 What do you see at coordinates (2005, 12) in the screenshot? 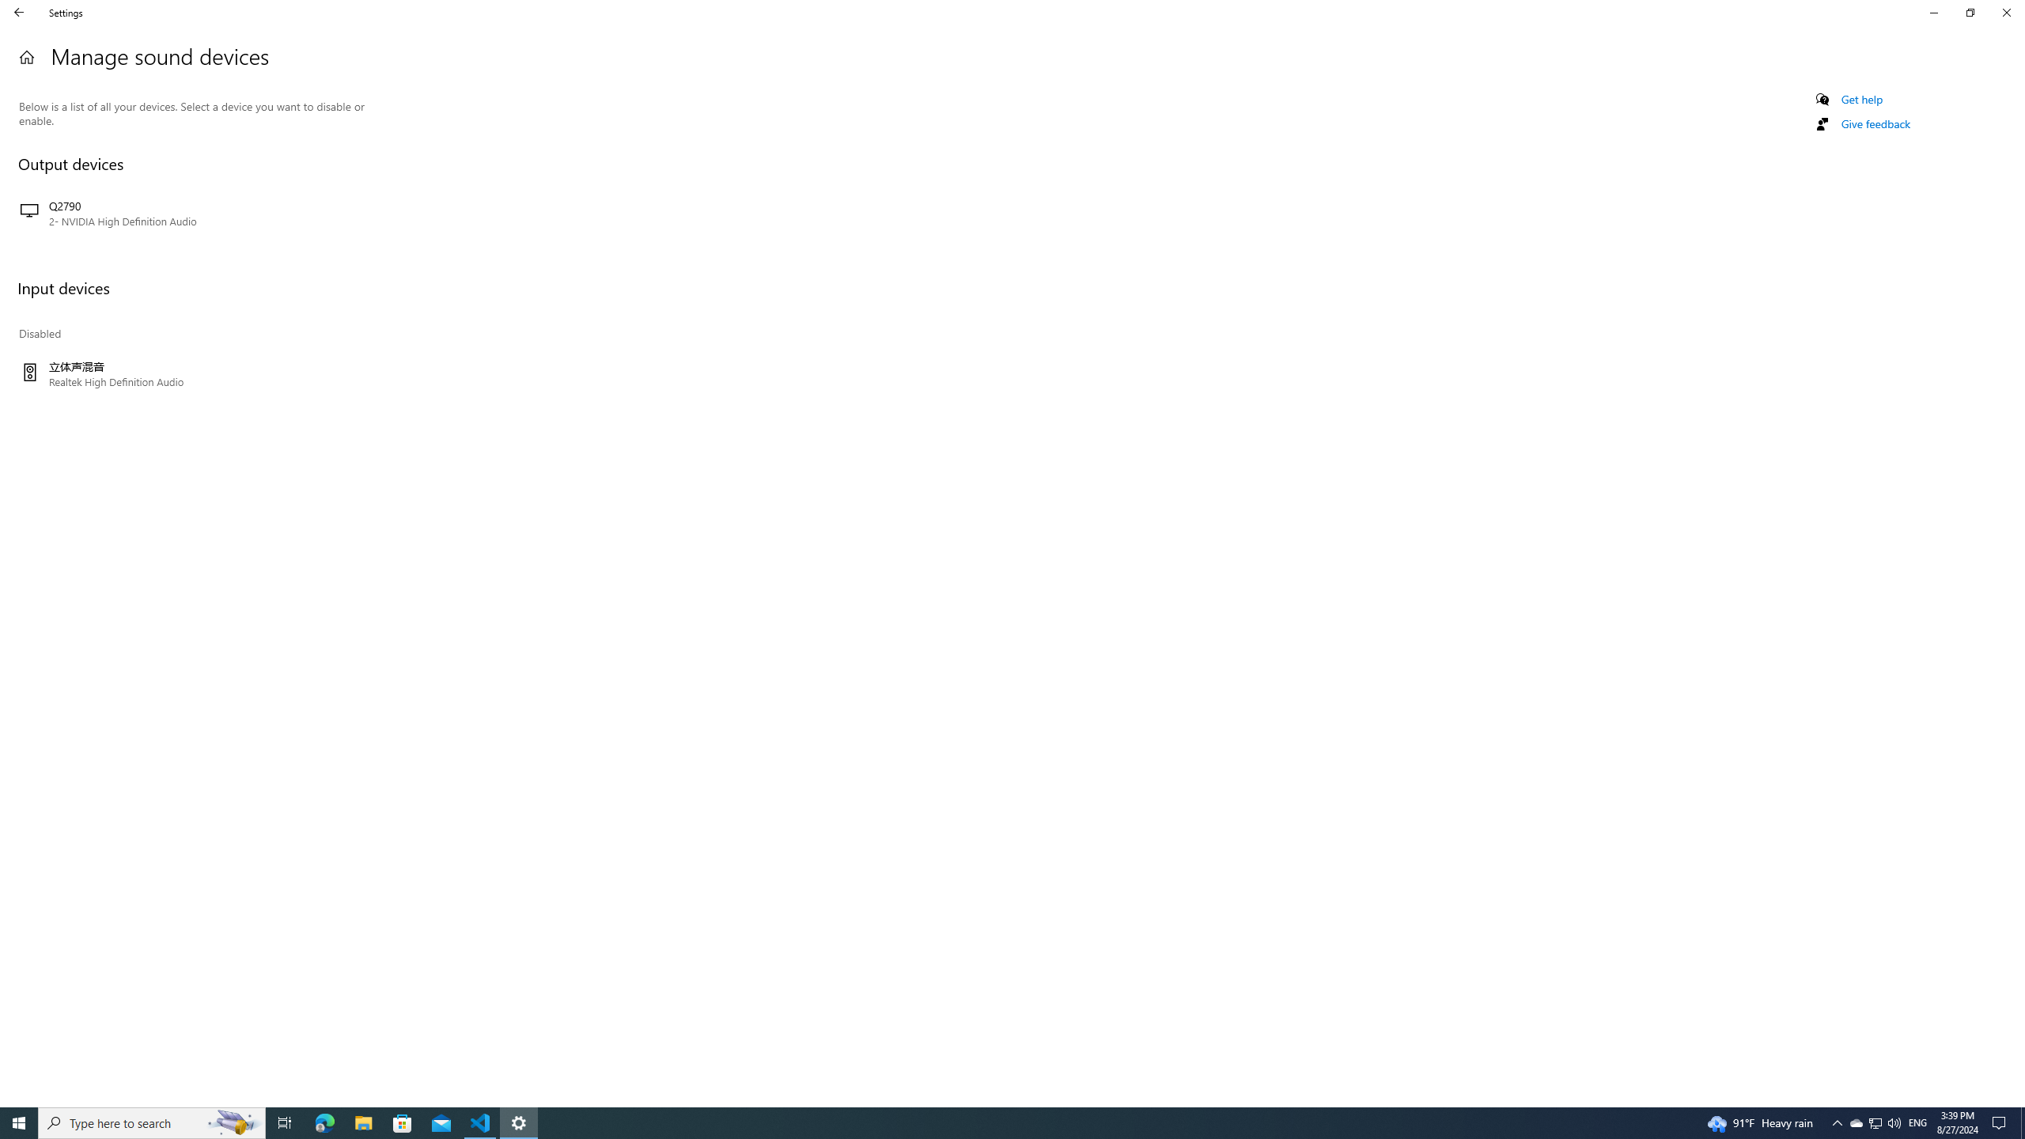
I see `'Close Settings'` at bounding box center [2005, 12].